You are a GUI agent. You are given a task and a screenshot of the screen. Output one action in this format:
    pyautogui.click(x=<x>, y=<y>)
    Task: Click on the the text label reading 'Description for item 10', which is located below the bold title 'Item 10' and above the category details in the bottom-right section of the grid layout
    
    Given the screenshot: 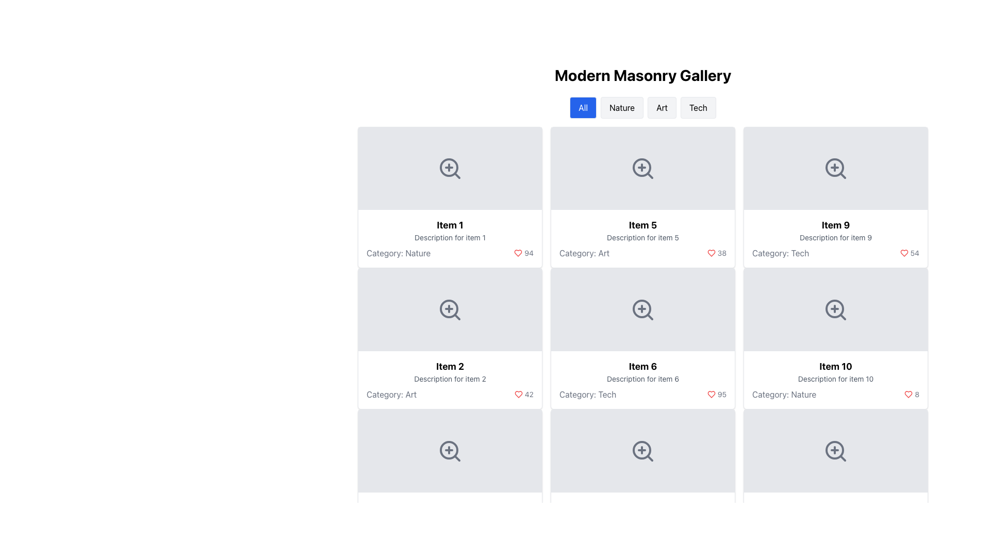 What is the action you would take?
    pyautogui.click(x=836, y=379)
    